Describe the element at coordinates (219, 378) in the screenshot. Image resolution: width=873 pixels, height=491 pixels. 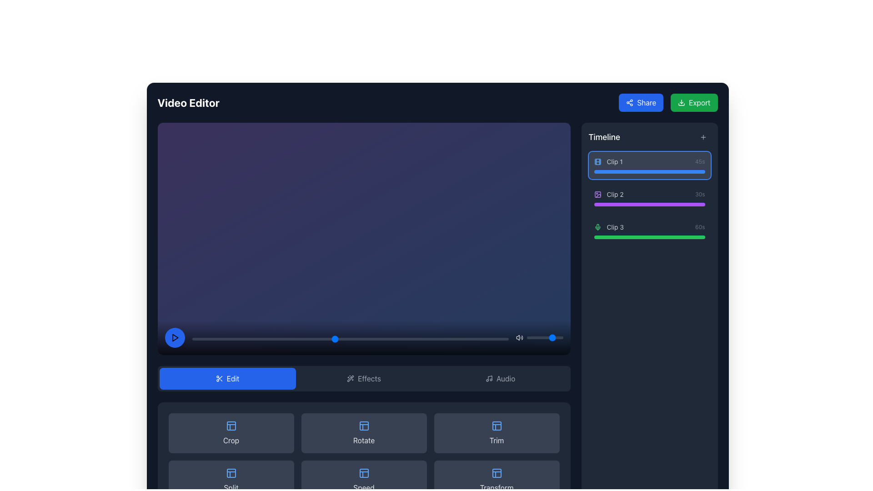
I see `the scissors icon located within the blue rectangular 'Edit' button positioned to the far-left in a horizontal row of buttons` at that location.